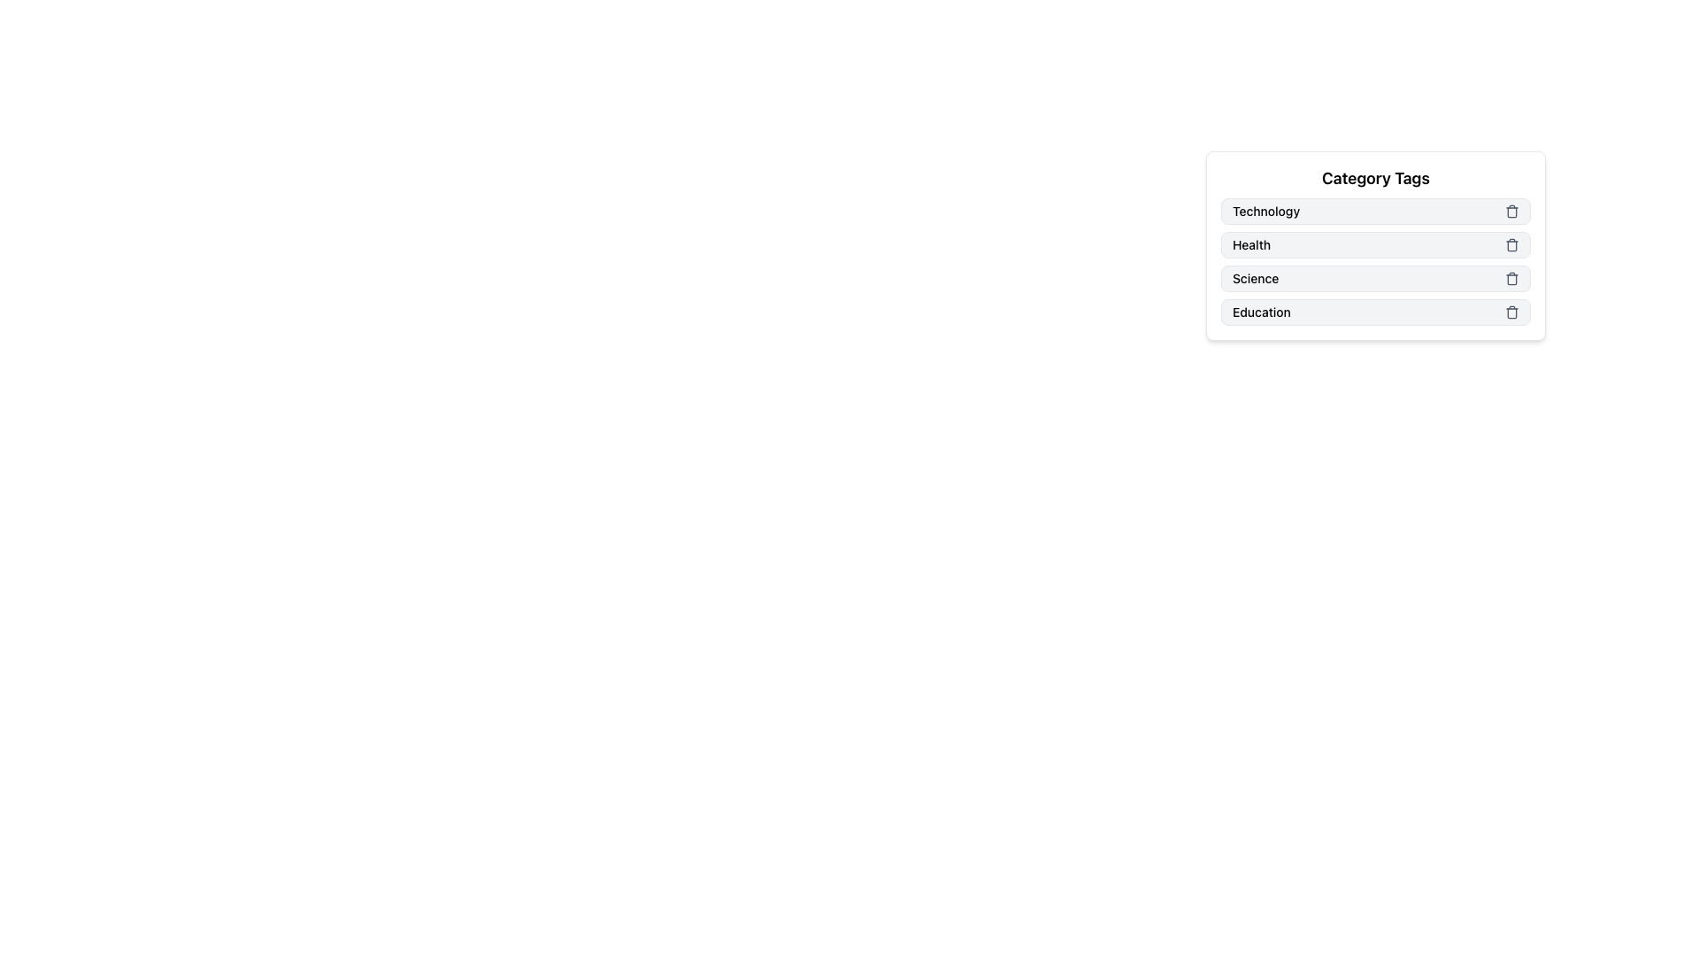  What do you see at coordinates (1511, 312) in the screenshot?
I see `the remove button for the "Education" category tag, located at the far right of the last row under the "Category Tags" header` at bounding box center [1511, 312].